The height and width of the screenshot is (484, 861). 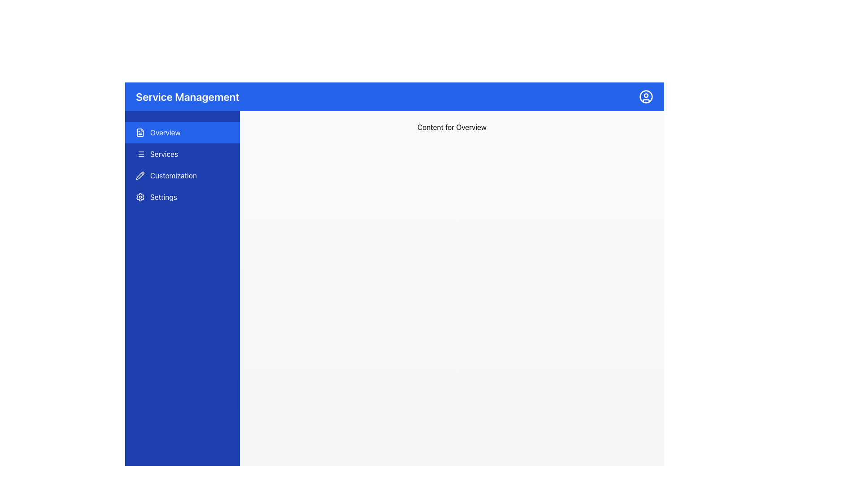 I want to click on the 'Settings' text label in the left sidebar, so click(x=163, y=196).